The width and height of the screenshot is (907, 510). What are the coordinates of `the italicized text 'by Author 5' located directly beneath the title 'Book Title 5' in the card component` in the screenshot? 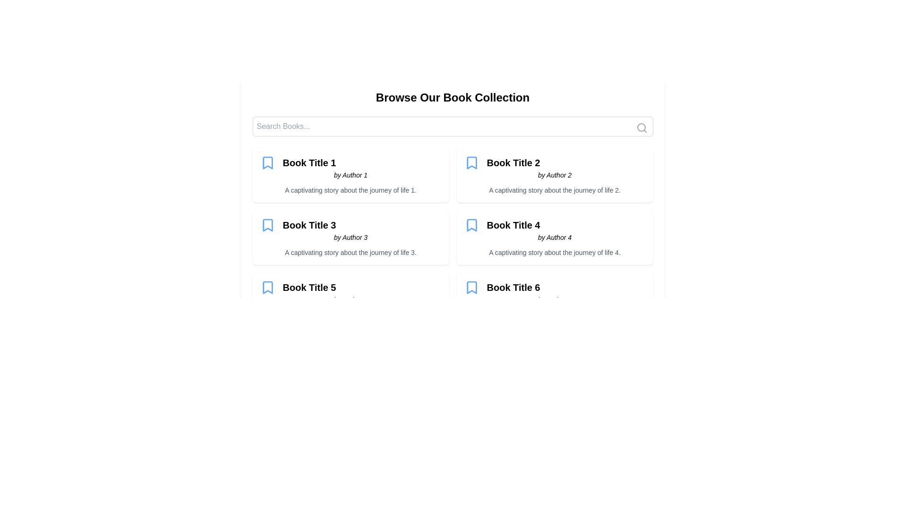 It's located at (350, 300).